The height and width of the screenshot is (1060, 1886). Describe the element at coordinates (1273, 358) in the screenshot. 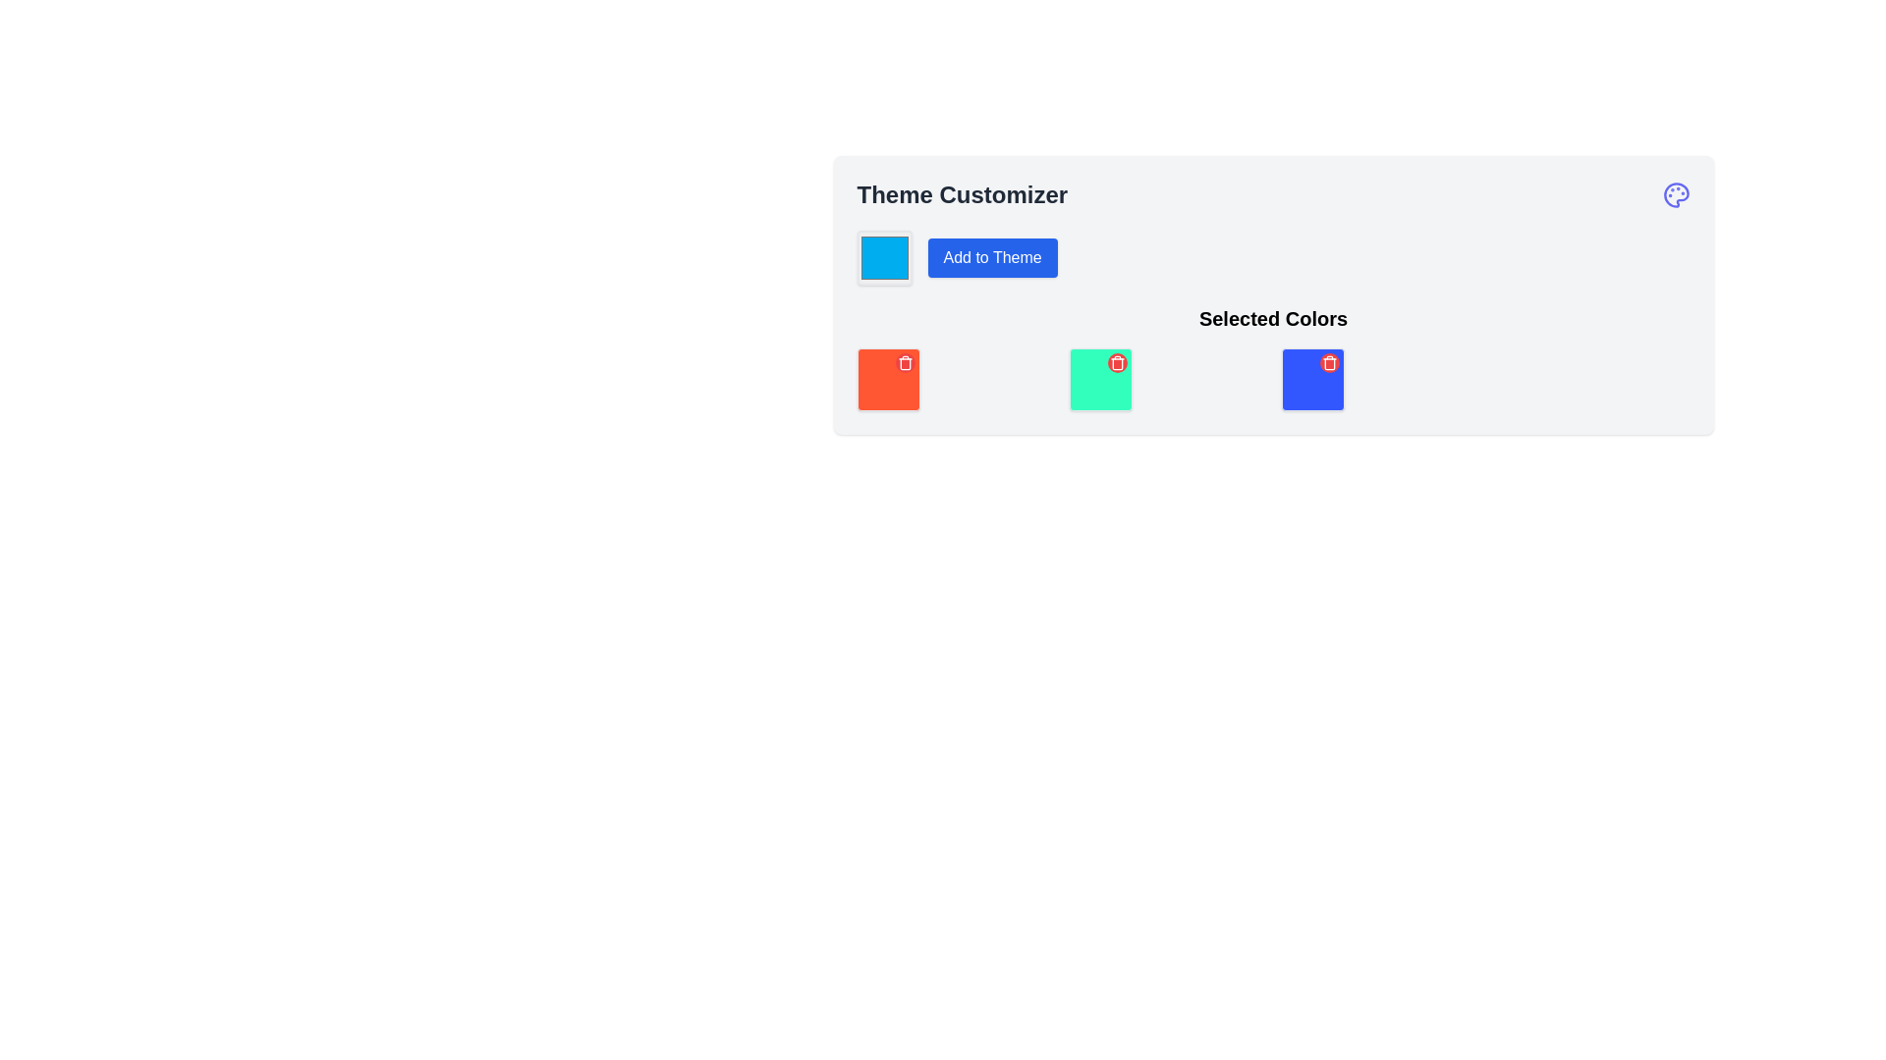

I see `the bold heading text label 'Selected Colors' located in the 'Theme Customizer' section, positioned above the grid of colored boxes` at that location.